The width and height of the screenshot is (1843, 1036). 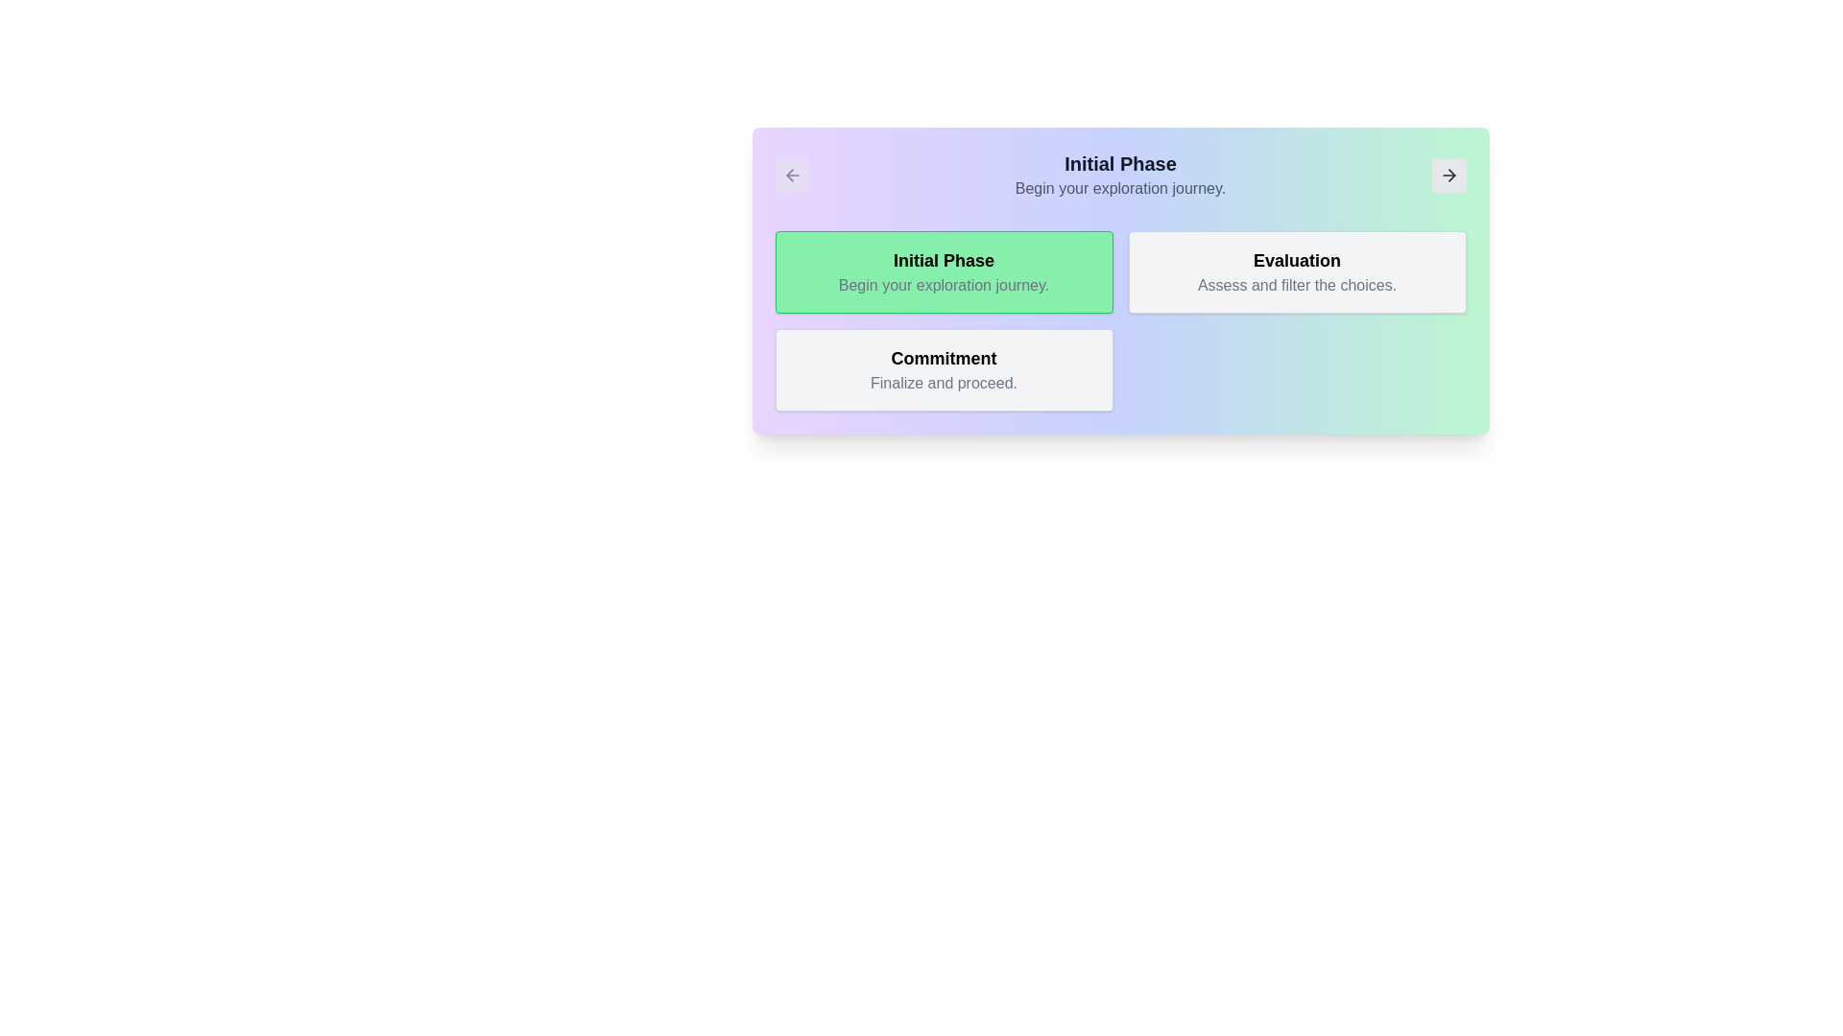 What do you see at coordinates (944, 285) in the screenshot?
I see `the text label providing supplementary information below the title 'Initial Phase', which is centrally located within a green rectangular component with rounded borders` at bounding box center [944, 285].